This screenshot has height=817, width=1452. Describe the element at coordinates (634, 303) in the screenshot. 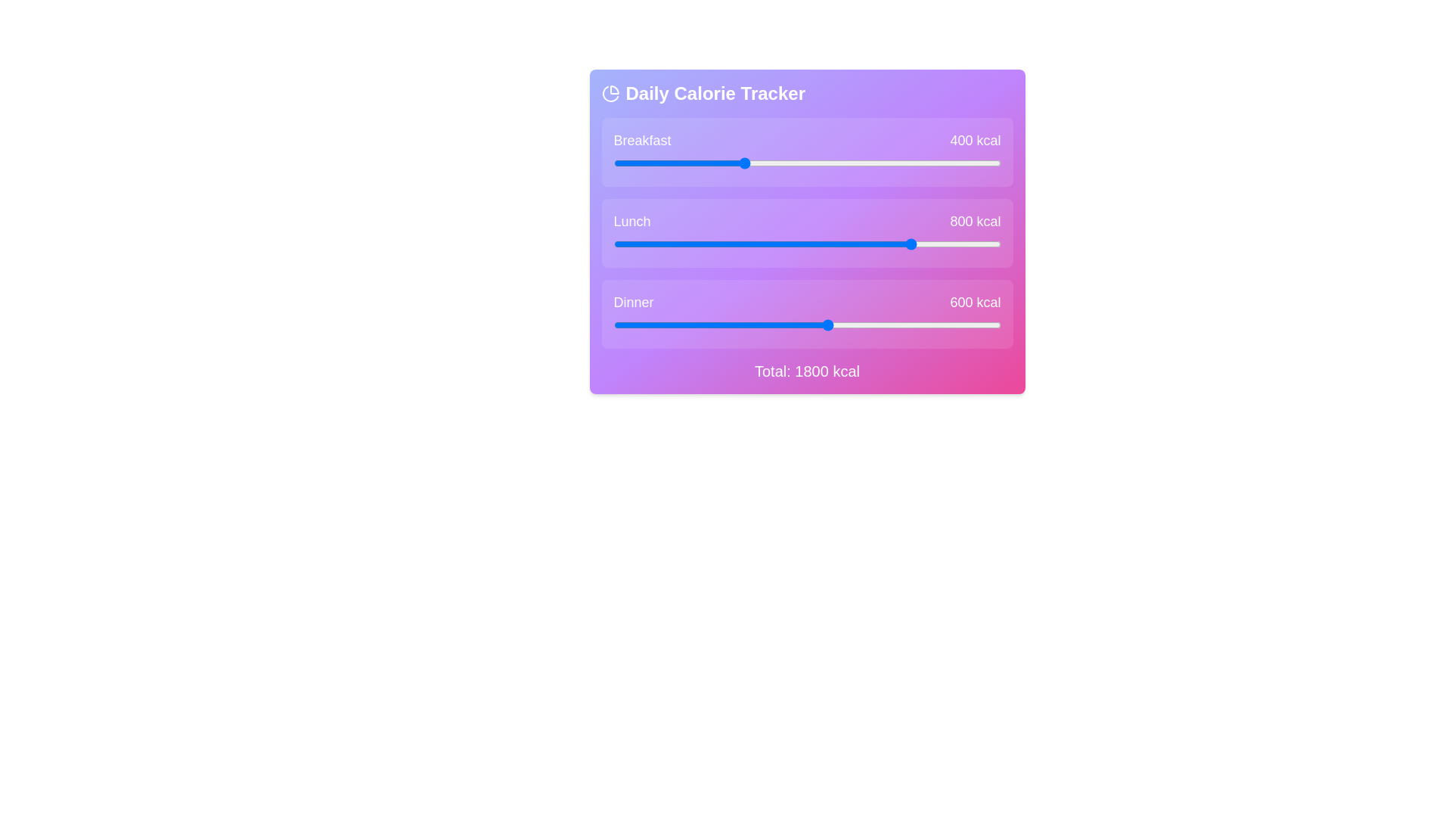

I see `the Text Label that categorizes the meal entry, specifically the label displaying 'dinner600 kcal', located within the 'Daily Calorie Tracker' section` at that location.